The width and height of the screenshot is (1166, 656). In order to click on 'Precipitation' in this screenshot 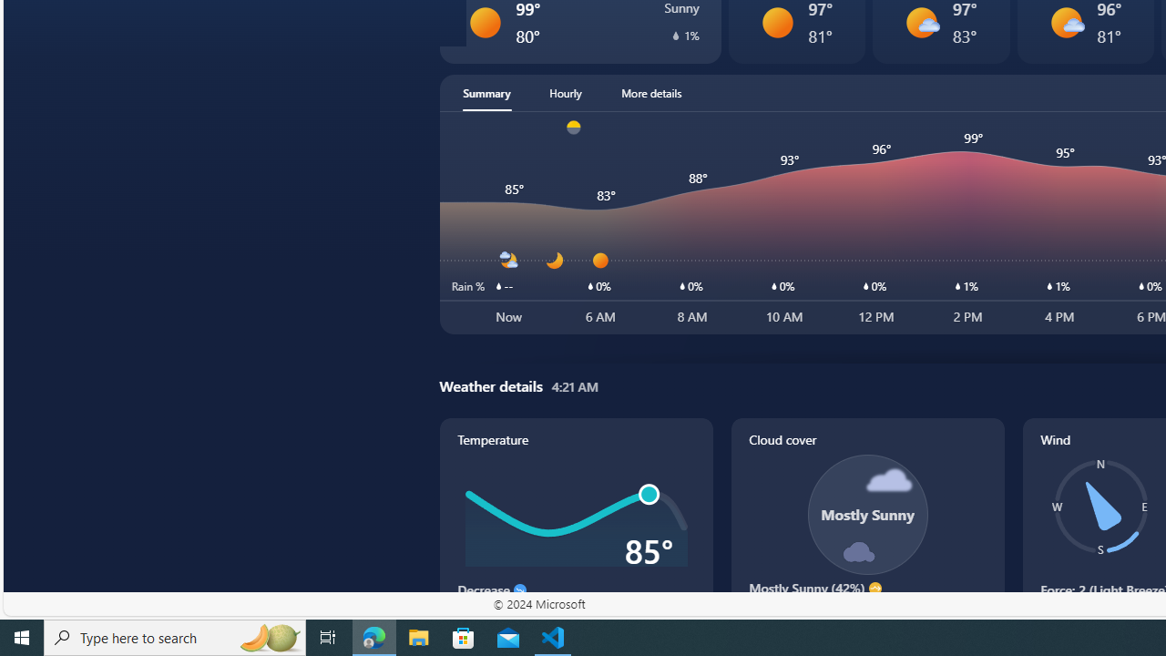, I will do `click(675, 35)`.